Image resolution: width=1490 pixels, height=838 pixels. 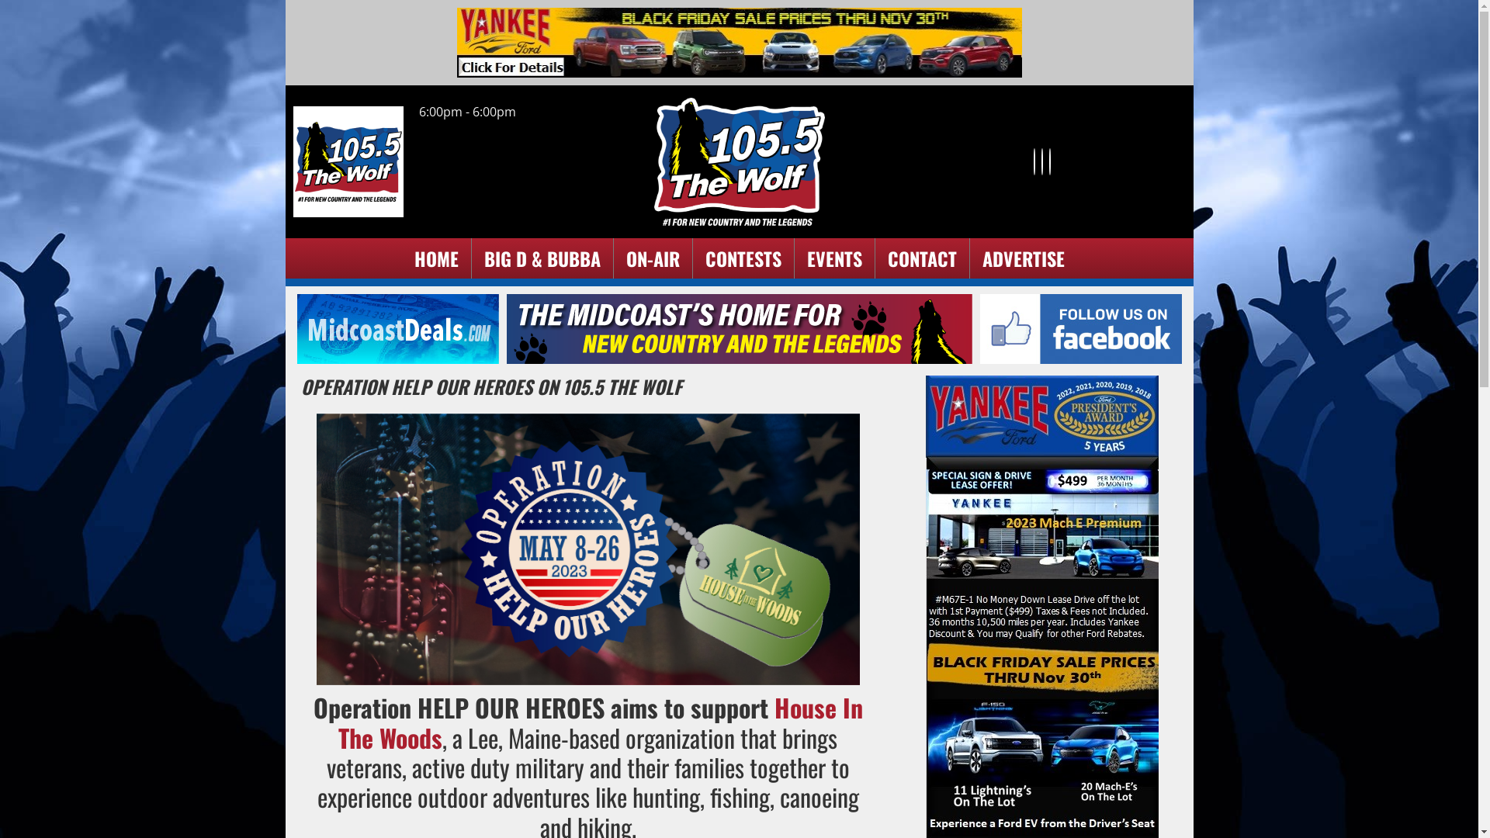 What do you see at coordinates (1024, 257) in the screenshot?
I see `'ADVERTISE'` at bounding box center [1024, 257].